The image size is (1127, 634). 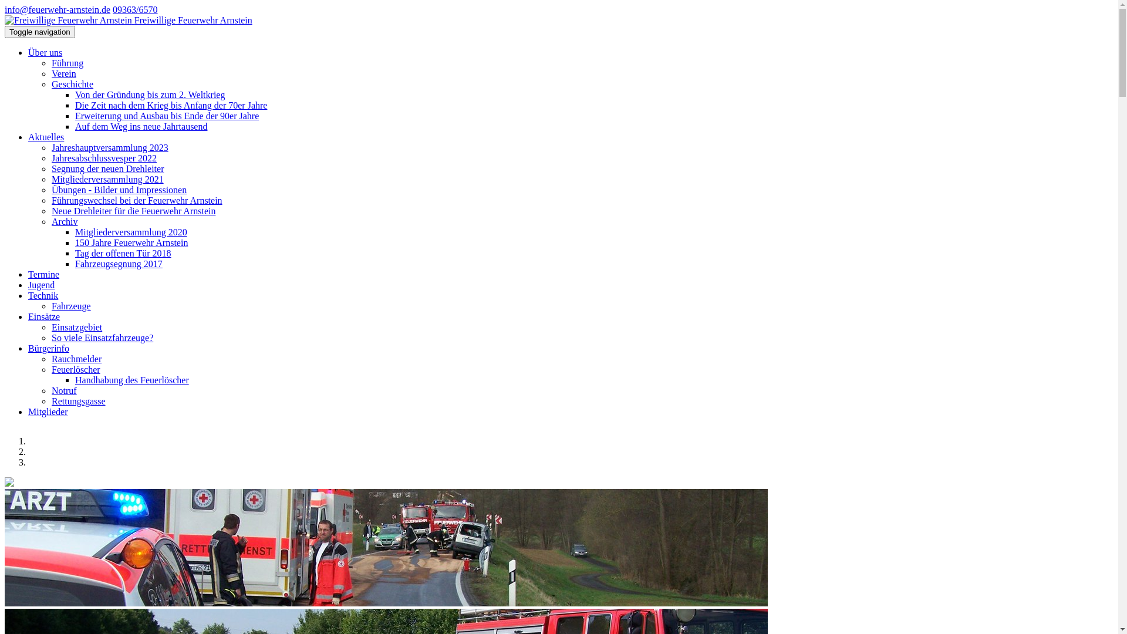 I want to click on 'Freiwillige Feuerwehr Arnstein', so click(x=5, y=20).